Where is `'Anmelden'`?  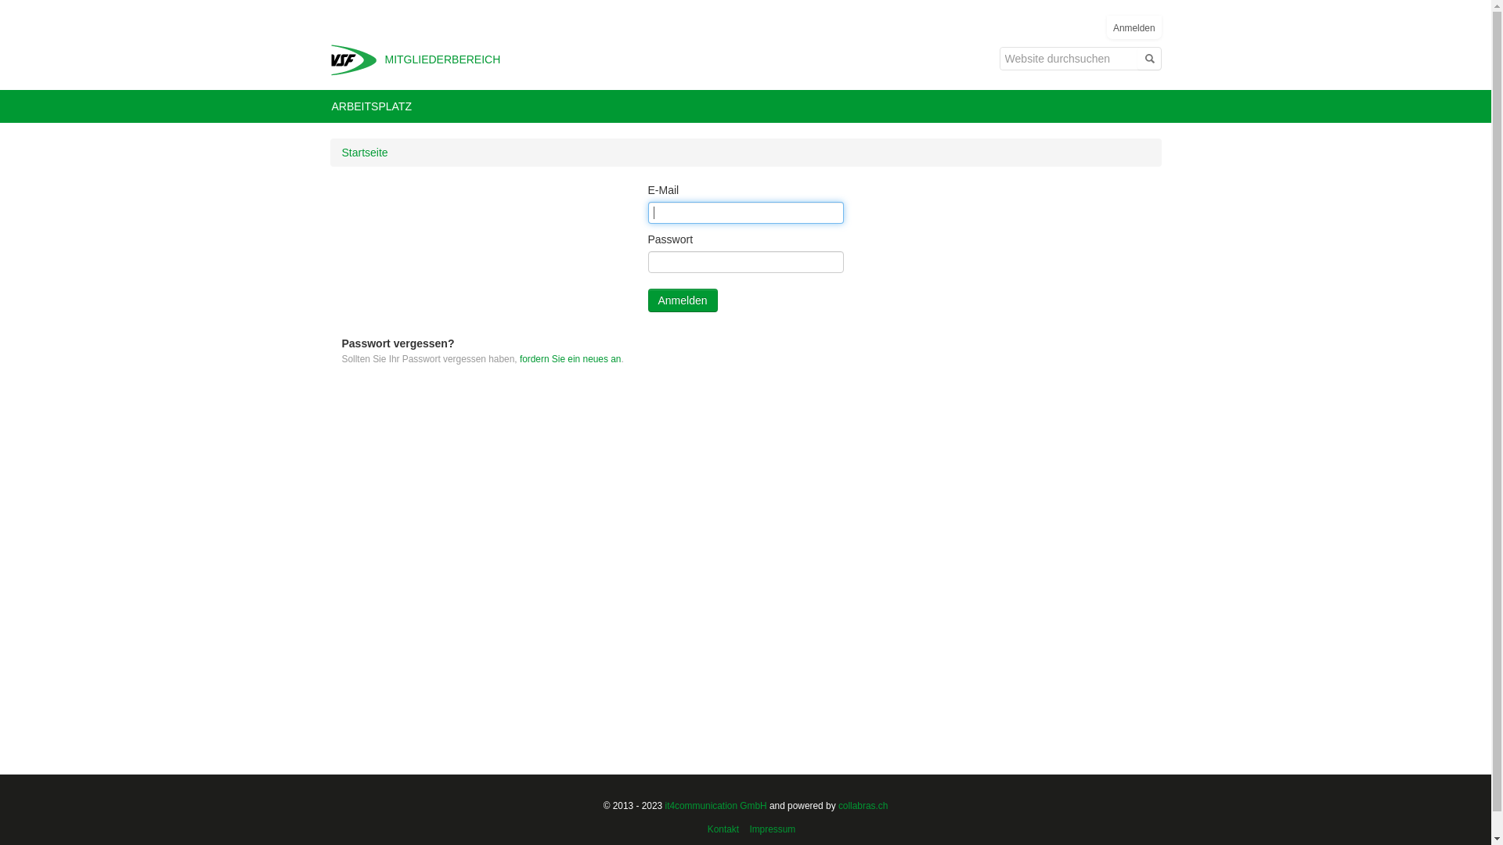 'Anmelden' is located at coordinates (683, 300).